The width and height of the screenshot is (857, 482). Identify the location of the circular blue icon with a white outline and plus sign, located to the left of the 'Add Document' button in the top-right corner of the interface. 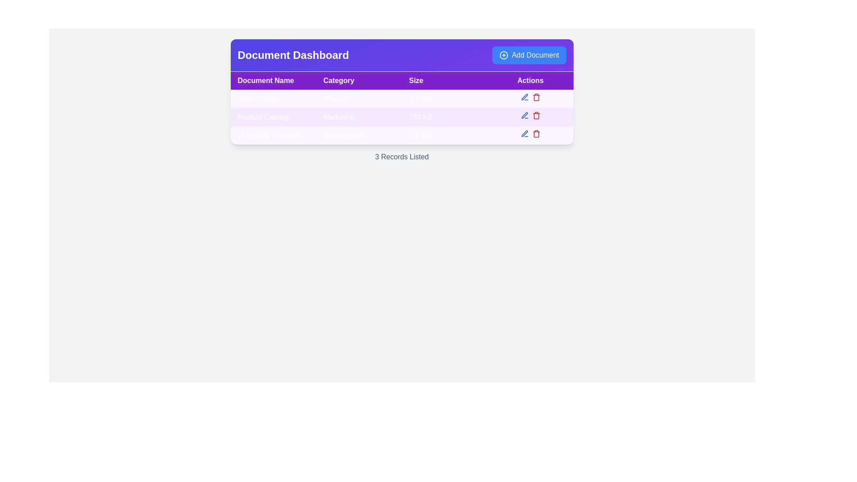
(503, 55).